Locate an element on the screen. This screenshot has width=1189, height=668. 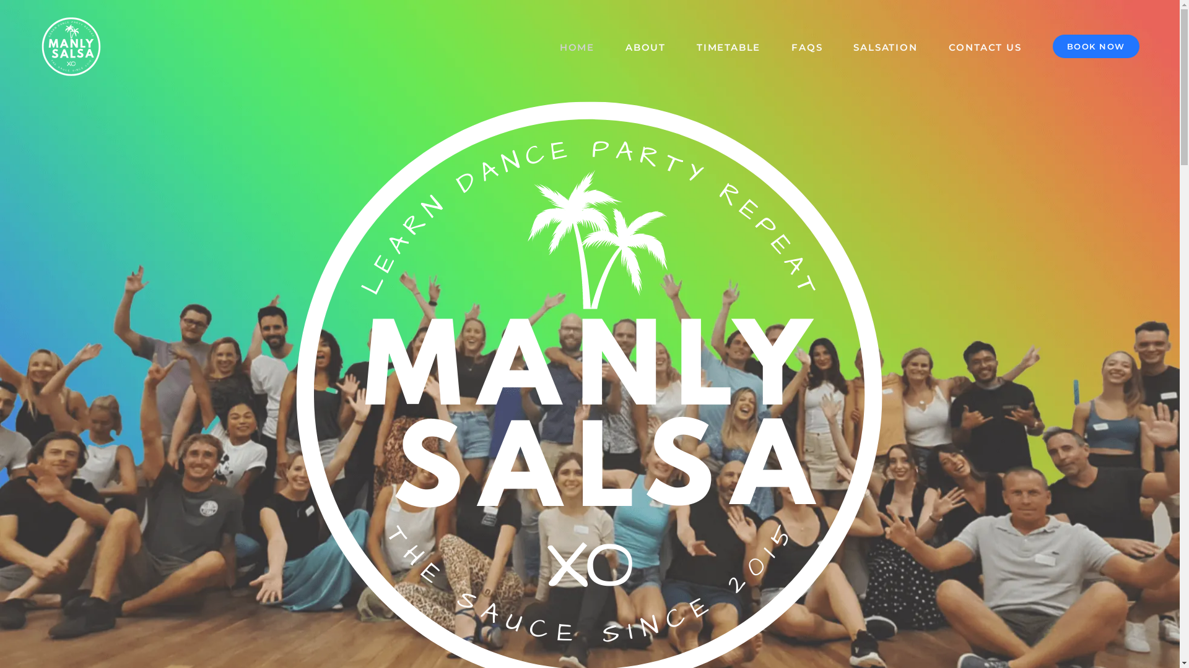
'FAQS' is located at coordinates (806, 45).